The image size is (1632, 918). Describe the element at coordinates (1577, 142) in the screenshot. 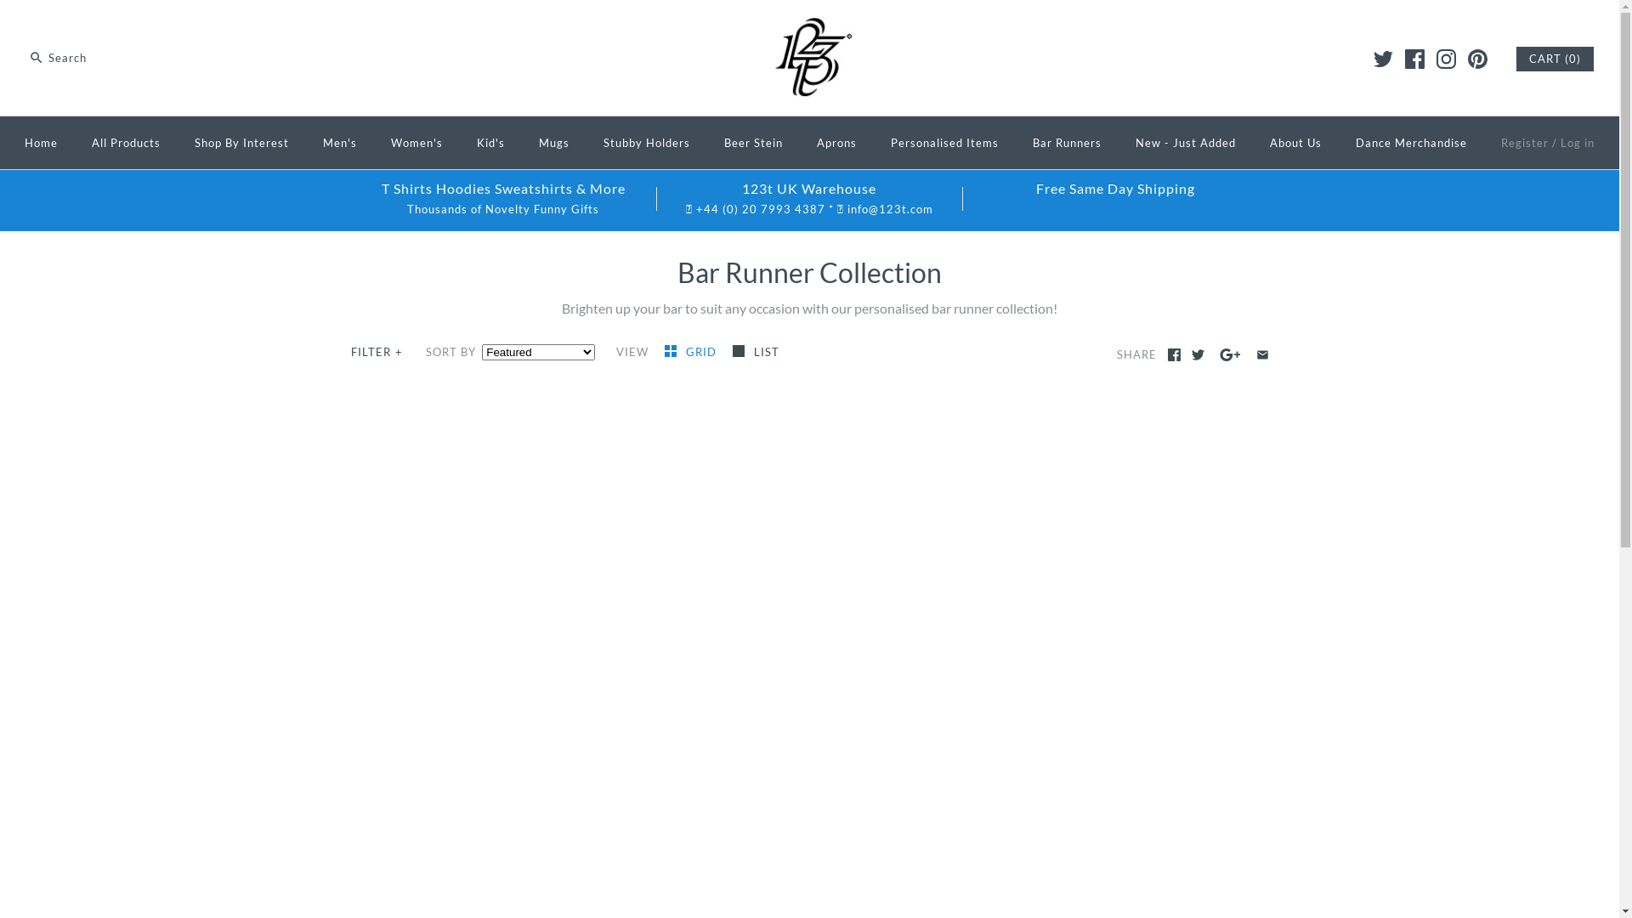

I see `'Log in'` at that location.